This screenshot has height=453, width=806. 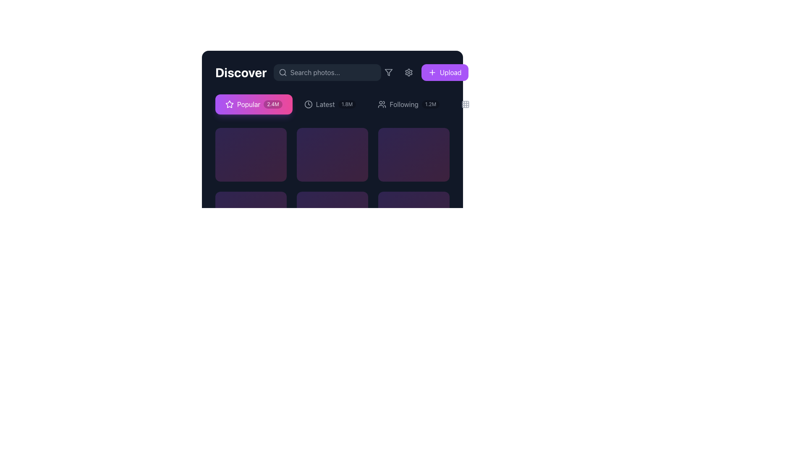 I want to click on the button containing the text 'Popular' styled in white font against a gradient background, located to the right of a star-shaped icon and left of '2.4M', below the 'Discover' heading, so click(x=248, y=104).